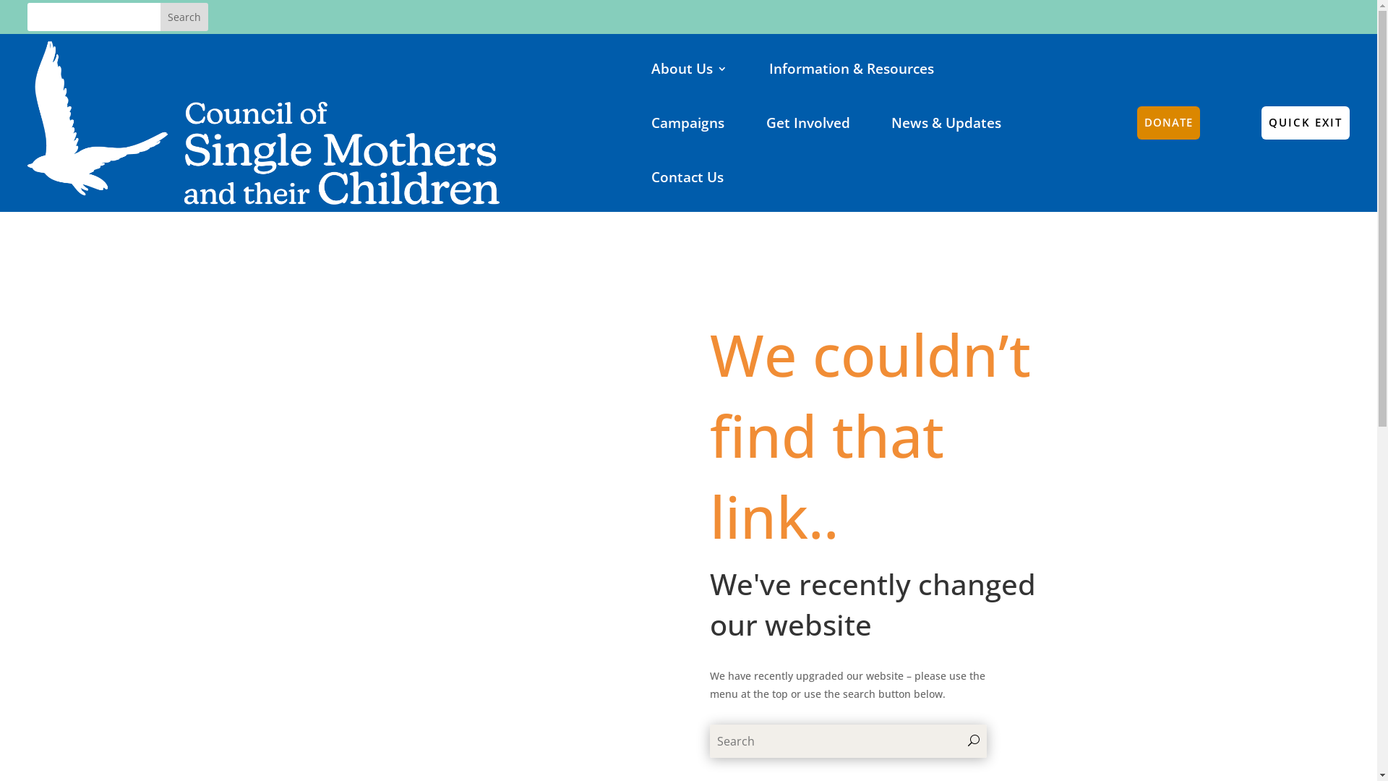 The width and height of the screenshot is (1388, 781). What do you see at coordinates (183, 17) in the screenshot?
I see `'Search'` at bounding box center [183, 17].